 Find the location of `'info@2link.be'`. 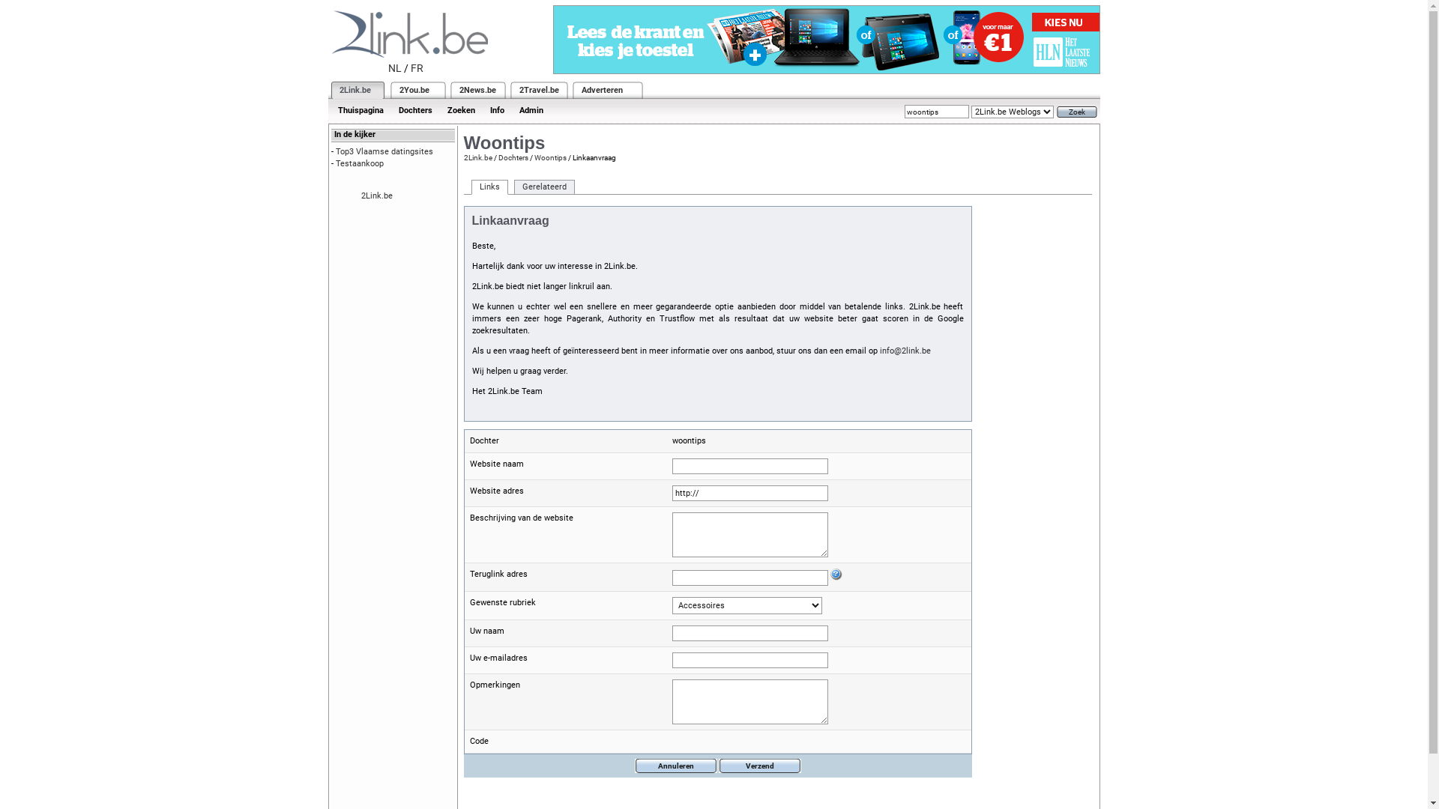

'info@2link.be' is located at coordinates (905, 351).